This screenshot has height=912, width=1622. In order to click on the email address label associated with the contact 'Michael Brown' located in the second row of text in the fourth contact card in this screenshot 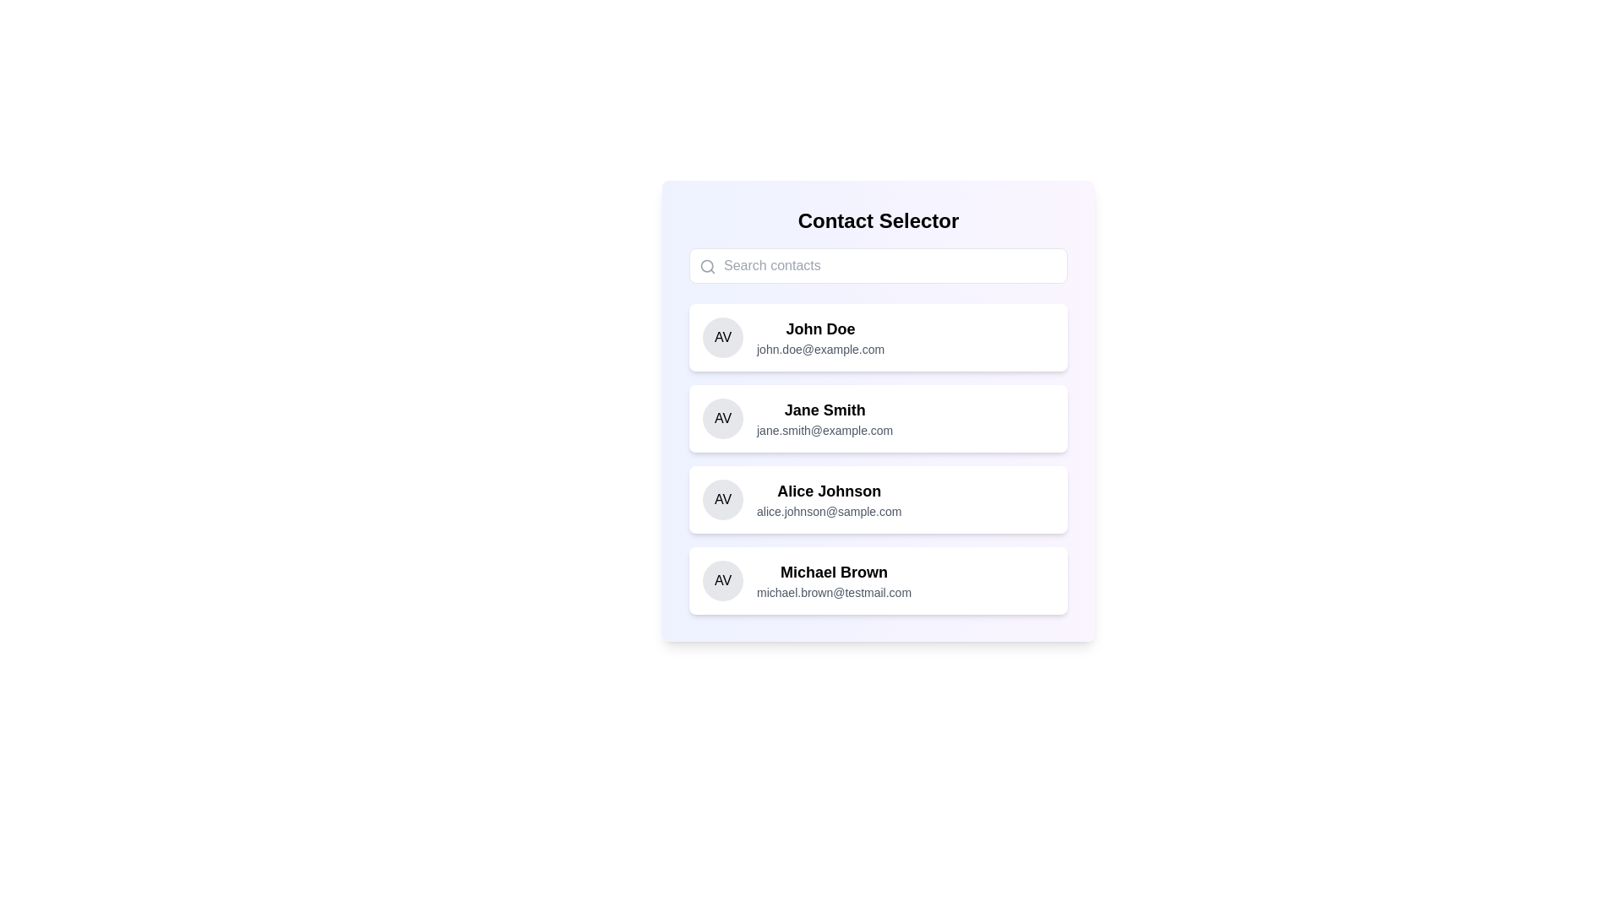, I will do `click(834, 592)`.